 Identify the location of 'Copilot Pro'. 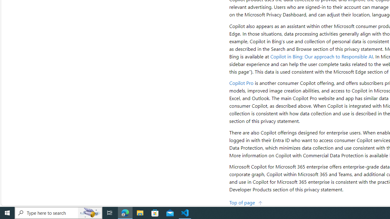
(241, 83).